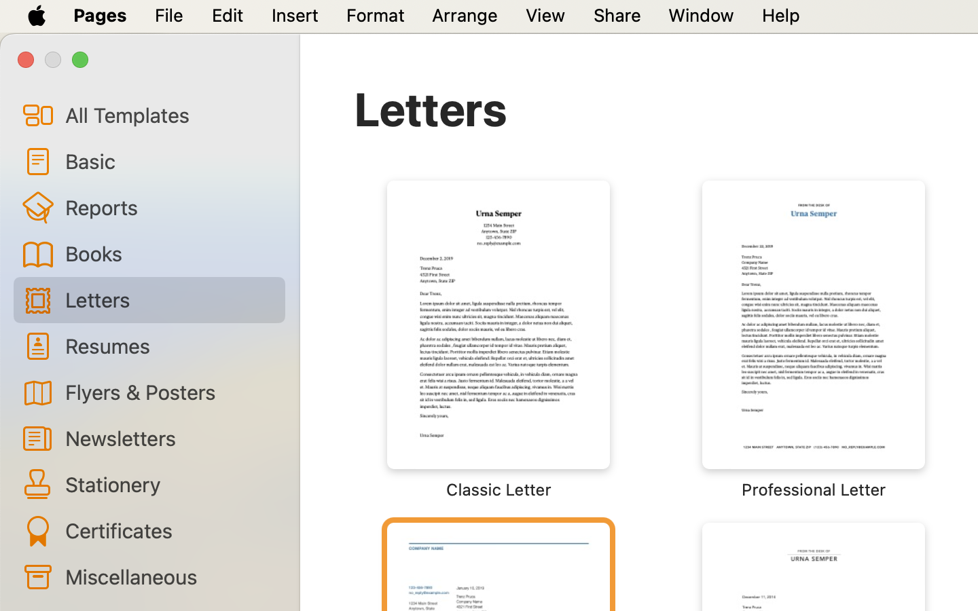 This screenshot has height=611, width=978. I want to click on 'Stationery', so click(168, 483).